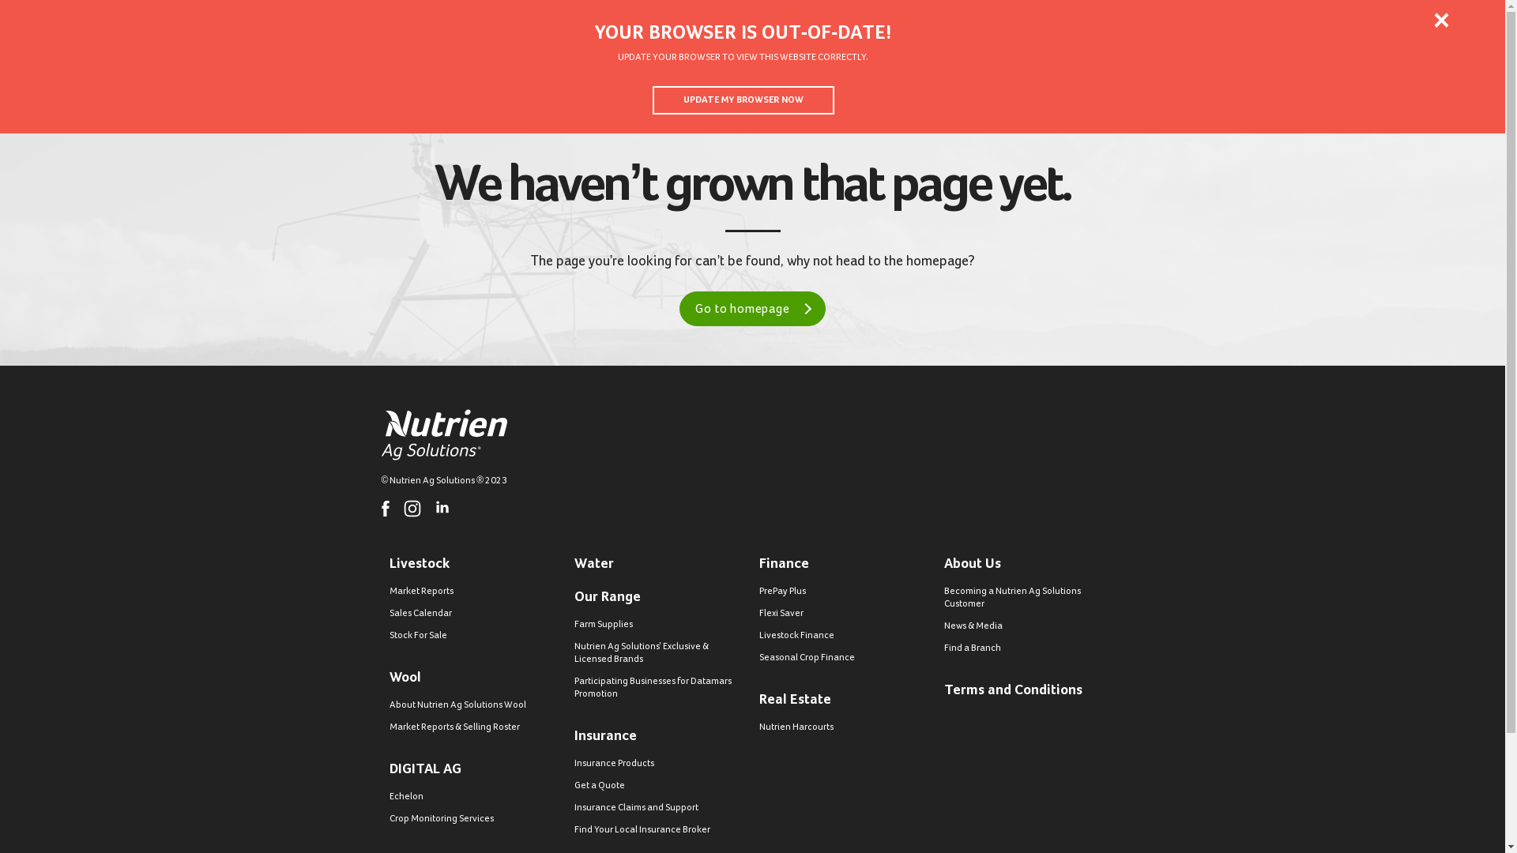  Describe the element at coordinates (388, 612) in the screenshot. I see `'Sales Calendar'` at that location.